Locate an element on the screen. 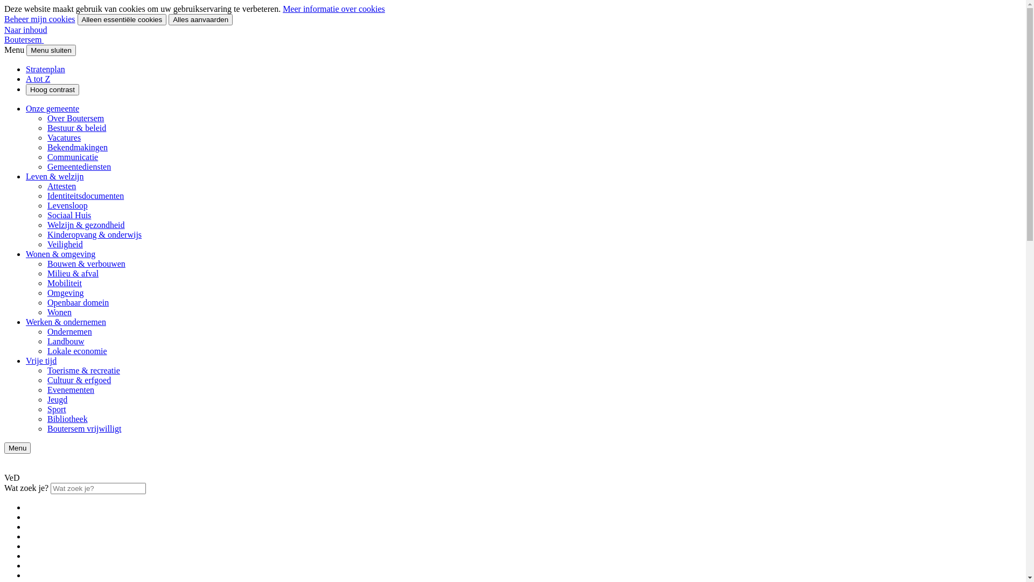 The width and height of the screenshot is (1034, 582). 'Alles aanvaarden' is located at coordinates (167, 19).